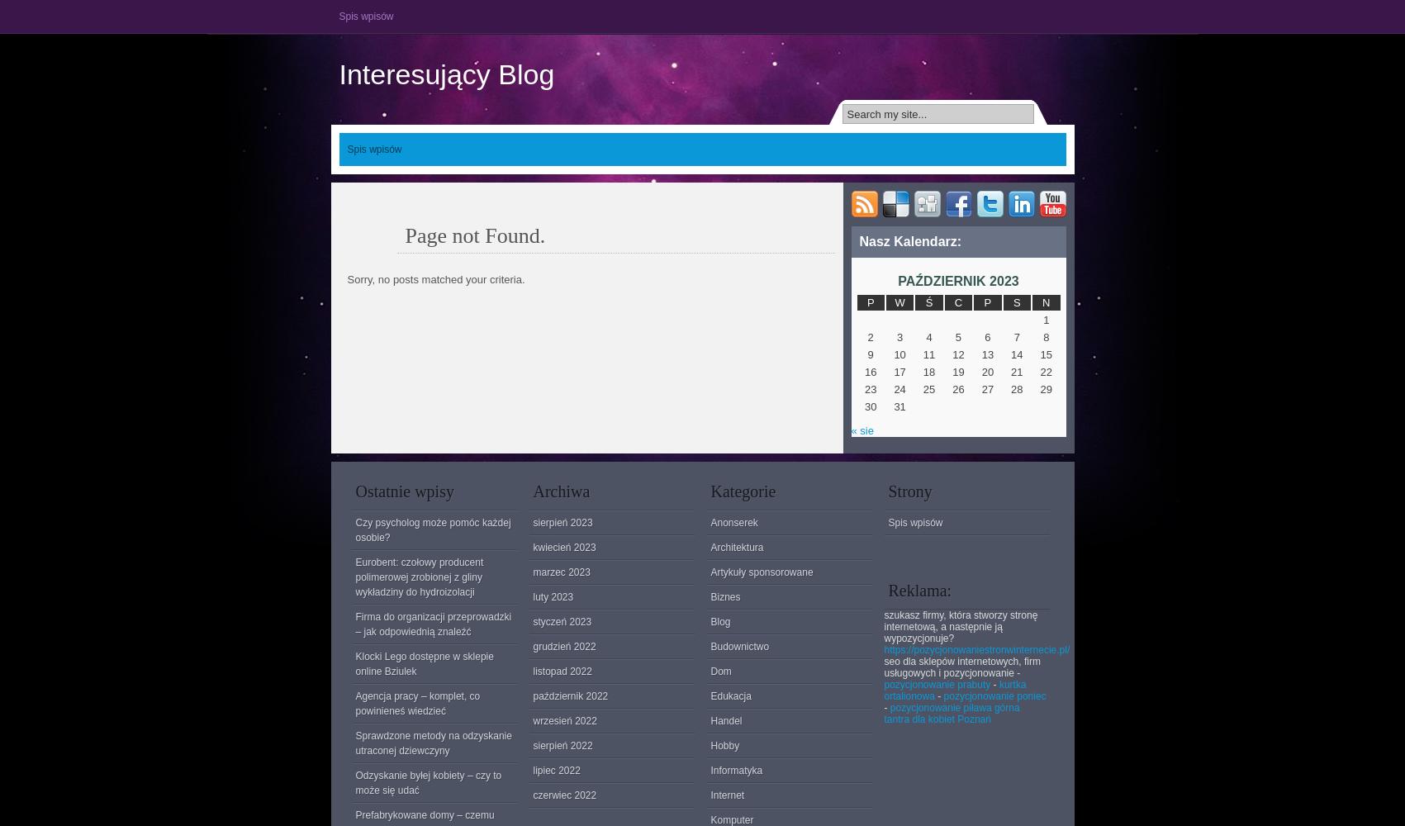  Describe the element at coordinates (909, 241) in the screenshot. I see `'Nasz Kalendarz:'` at that location.